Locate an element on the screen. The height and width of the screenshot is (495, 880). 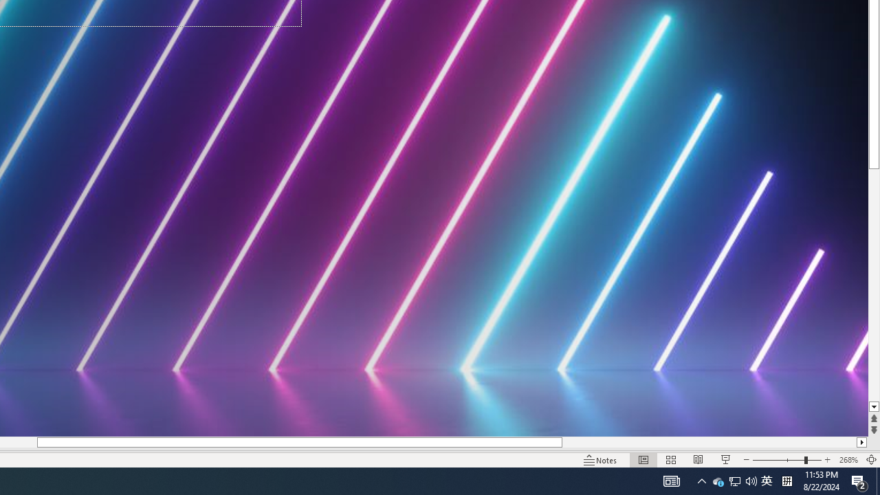
'Slide Sorter' is located at coordinates (671, 460).